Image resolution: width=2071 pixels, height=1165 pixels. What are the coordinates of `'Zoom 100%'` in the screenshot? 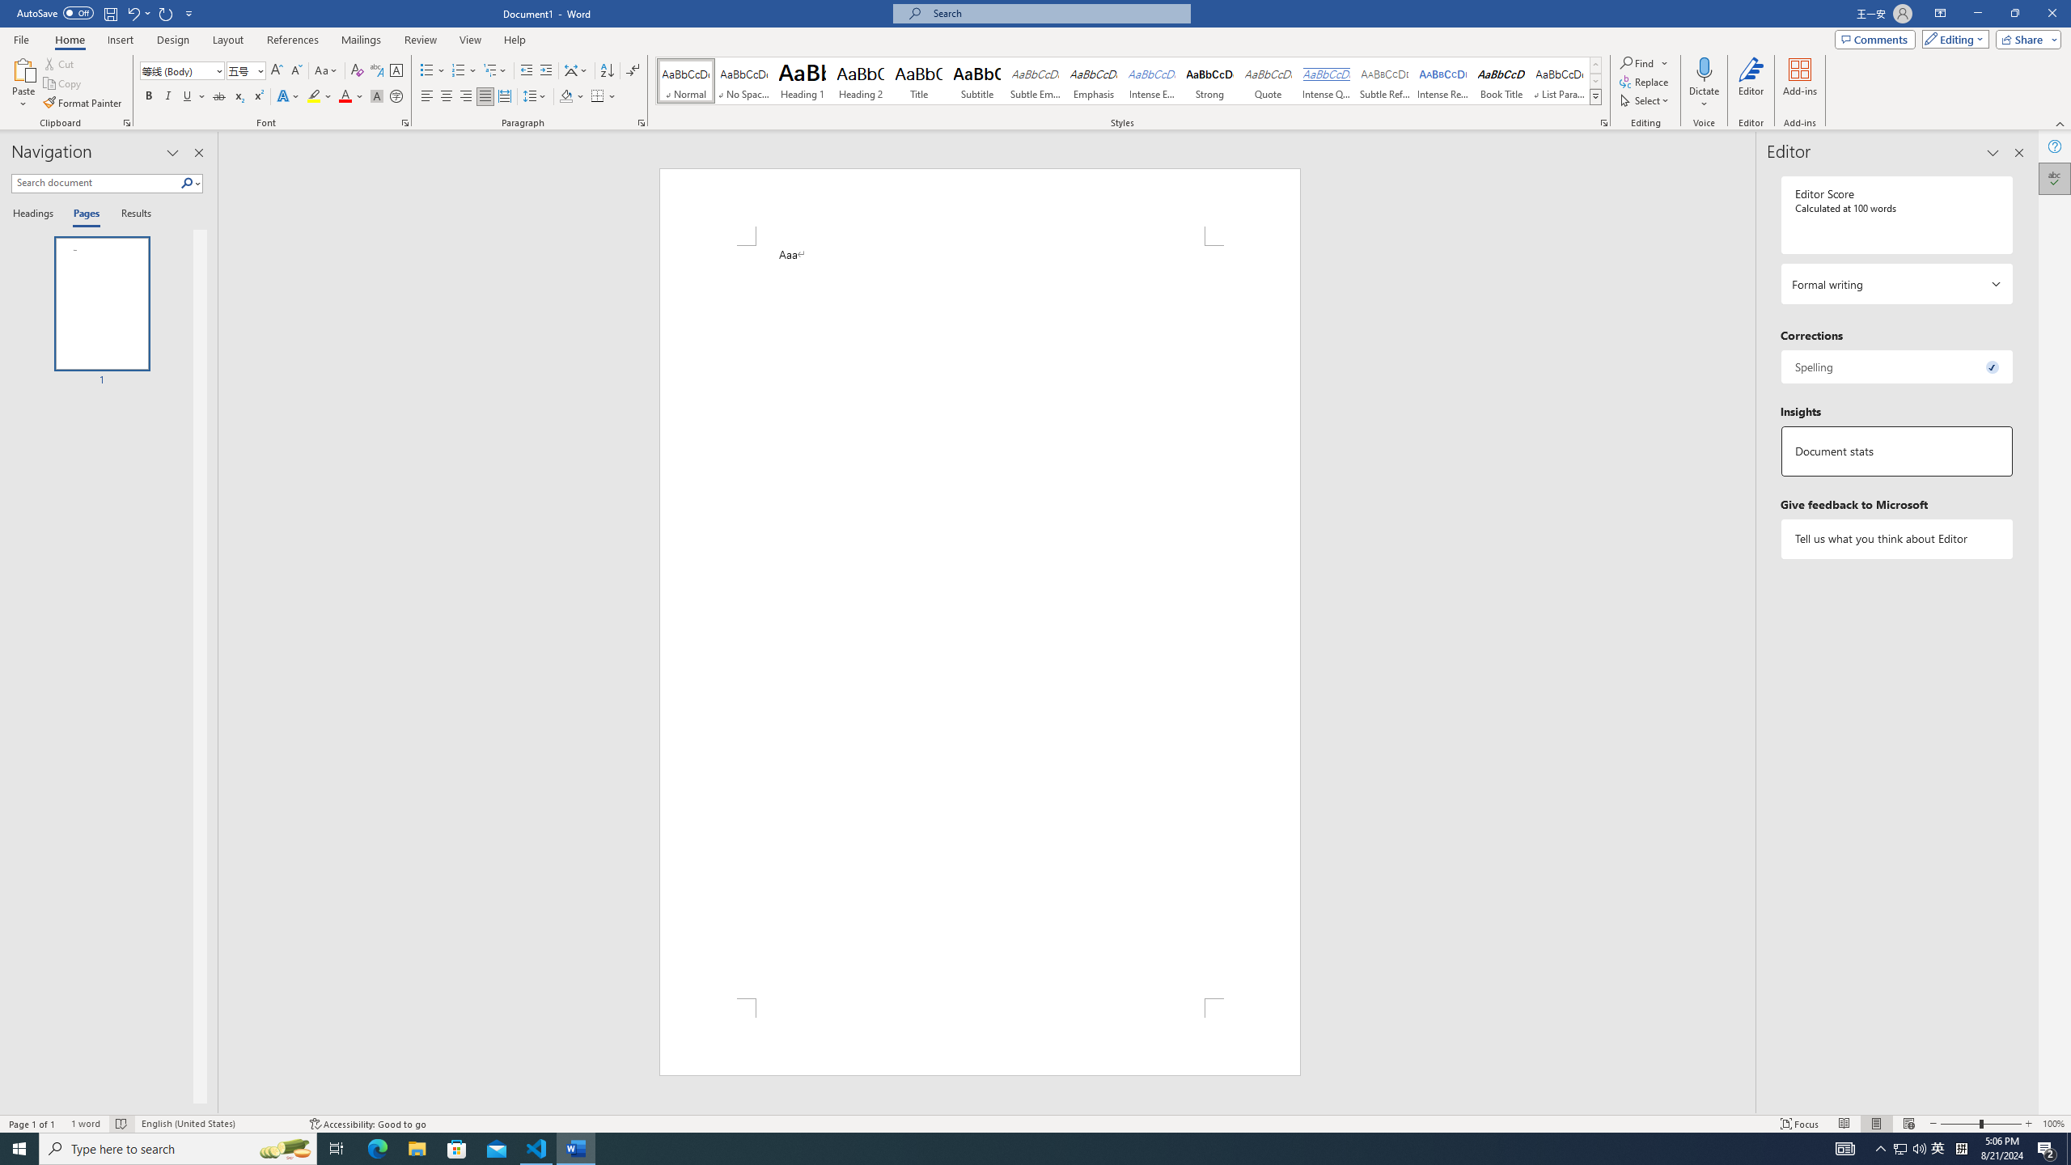 It's located at (2052, 1124).